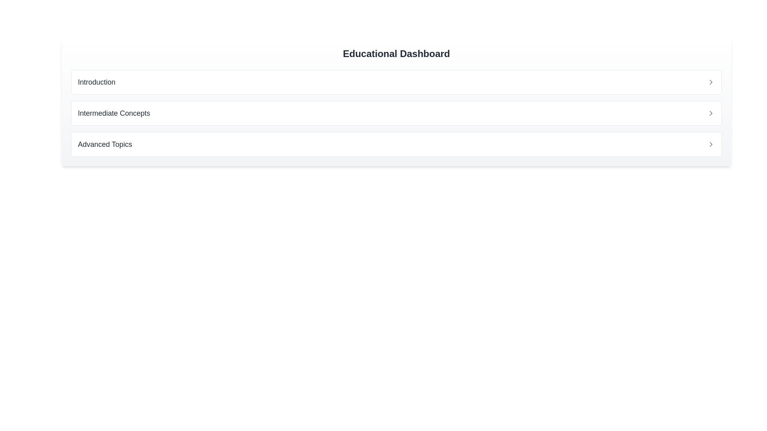  Describe the element at coordinates (396, 113) in the screenshot. I see `the second interactive list item in the educational dashboard` at that location.